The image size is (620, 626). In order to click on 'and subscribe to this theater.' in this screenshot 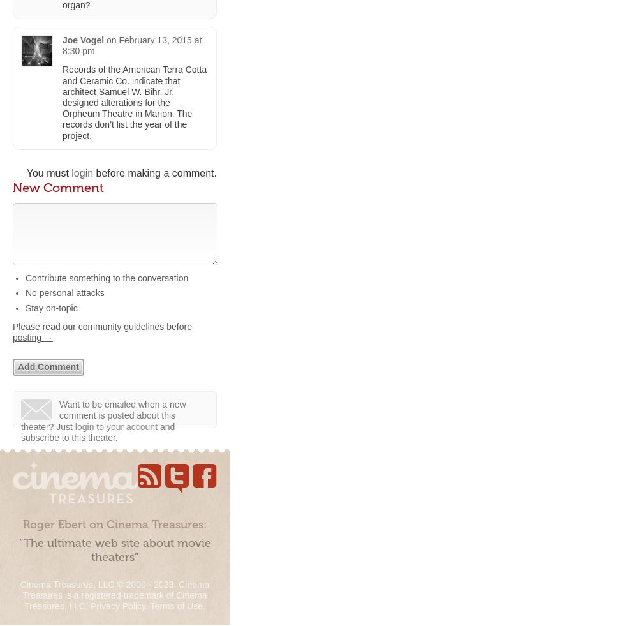, I will do `click(21, 431)`.